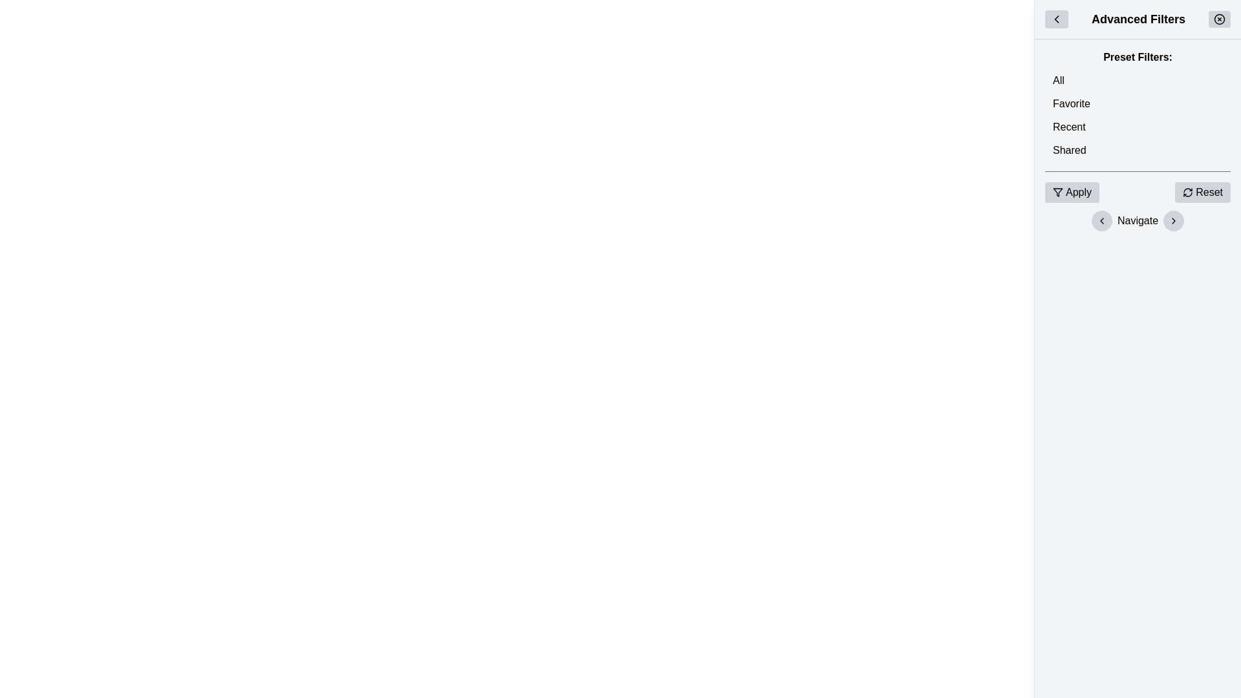 Image resolution: width=1241 pixels, height=698 pixels. What do you see at coordinates (1138, 80) in the screenshot?
I see `the 'All' button, which is a rectangular button with a light background and rounded corners, located at the top of the vertical list of buttons in the 'Preset Filters' section of the right sidebar` at bounding box center [1138, 80].